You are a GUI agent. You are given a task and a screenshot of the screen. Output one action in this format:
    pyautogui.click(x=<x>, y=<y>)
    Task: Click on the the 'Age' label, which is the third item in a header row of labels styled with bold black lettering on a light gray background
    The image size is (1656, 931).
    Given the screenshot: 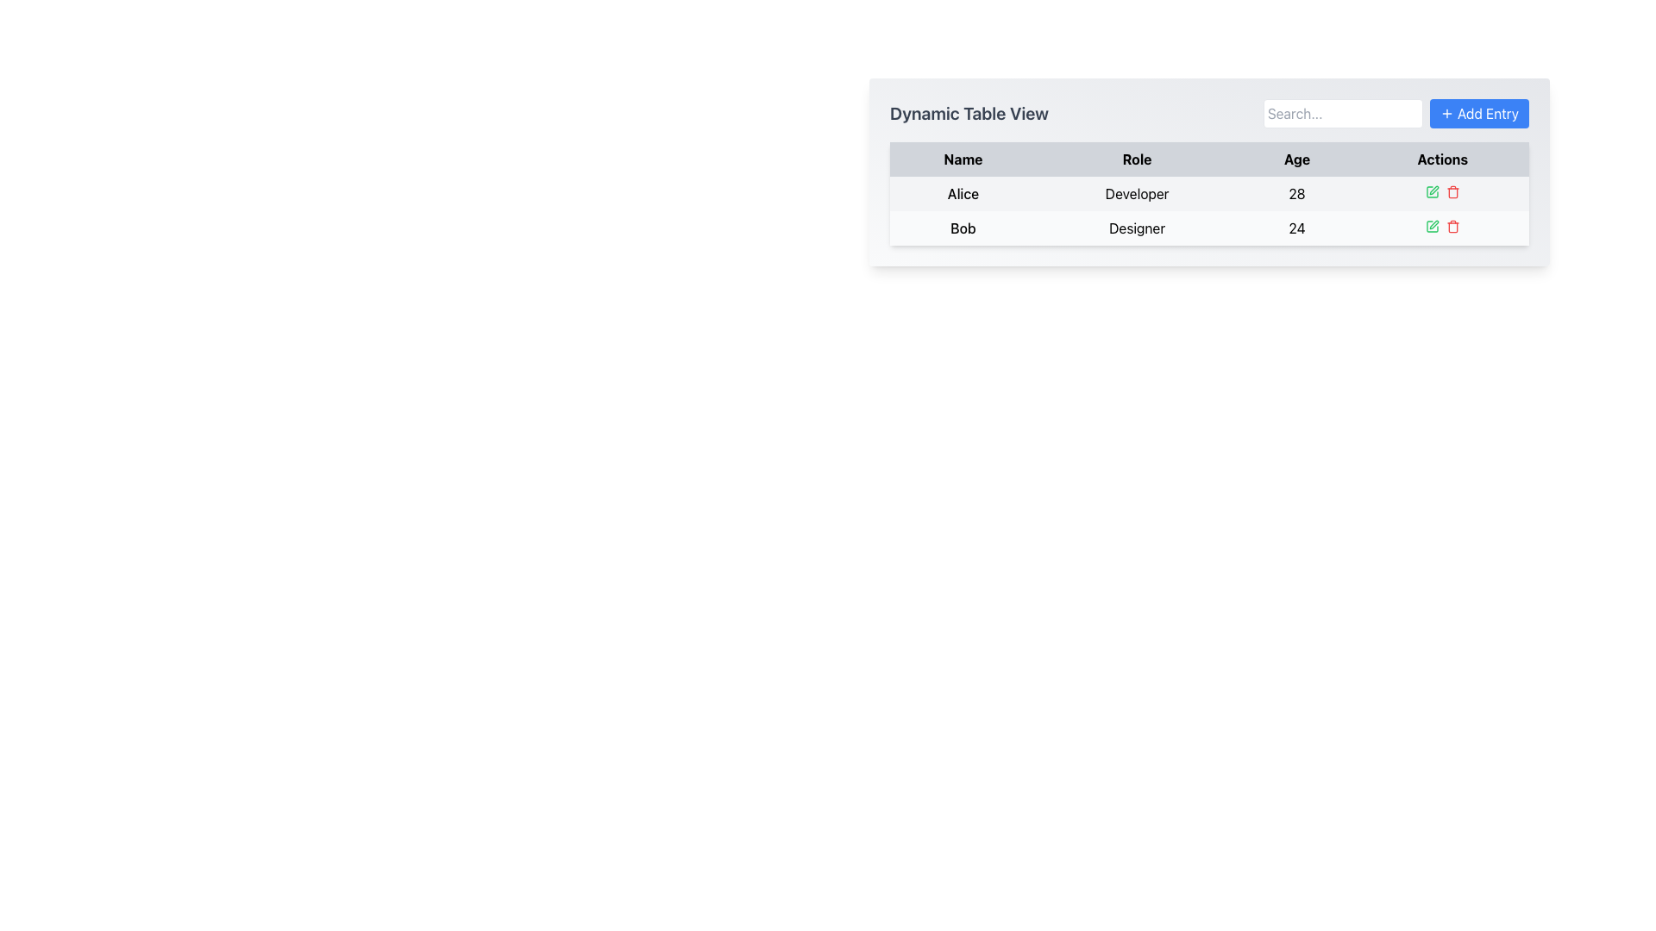 What is the action you would take?
    pyautogui.click(x=1297, y=159)
    